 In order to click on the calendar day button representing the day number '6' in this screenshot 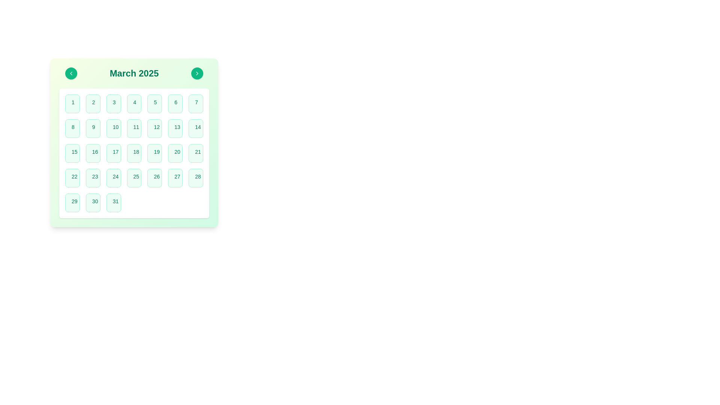, I will do `click(175, 104)`.